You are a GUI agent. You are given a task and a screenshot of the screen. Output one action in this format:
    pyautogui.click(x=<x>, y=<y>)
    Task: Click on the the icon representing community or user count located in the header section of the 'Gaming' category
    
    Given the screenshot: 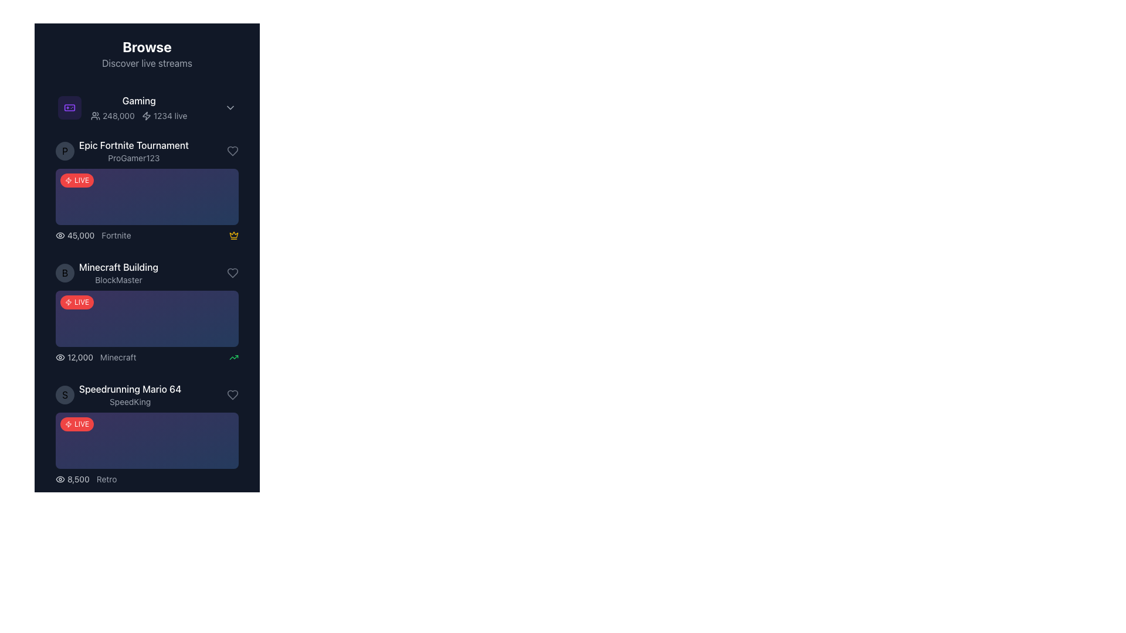 What is the action you would take?
    pyautogui.click(x=96, y=115)
    